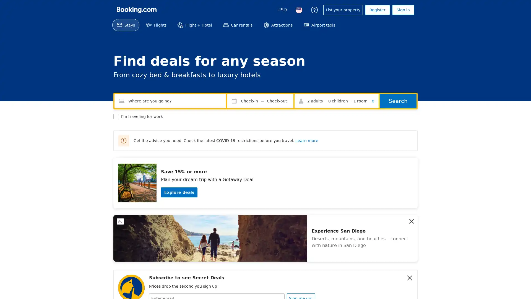 The width and height of the screenshot is (531, 299). Describe the element at coordinates (179, 192) in the screenshot. I see `Explore deals` at that location.